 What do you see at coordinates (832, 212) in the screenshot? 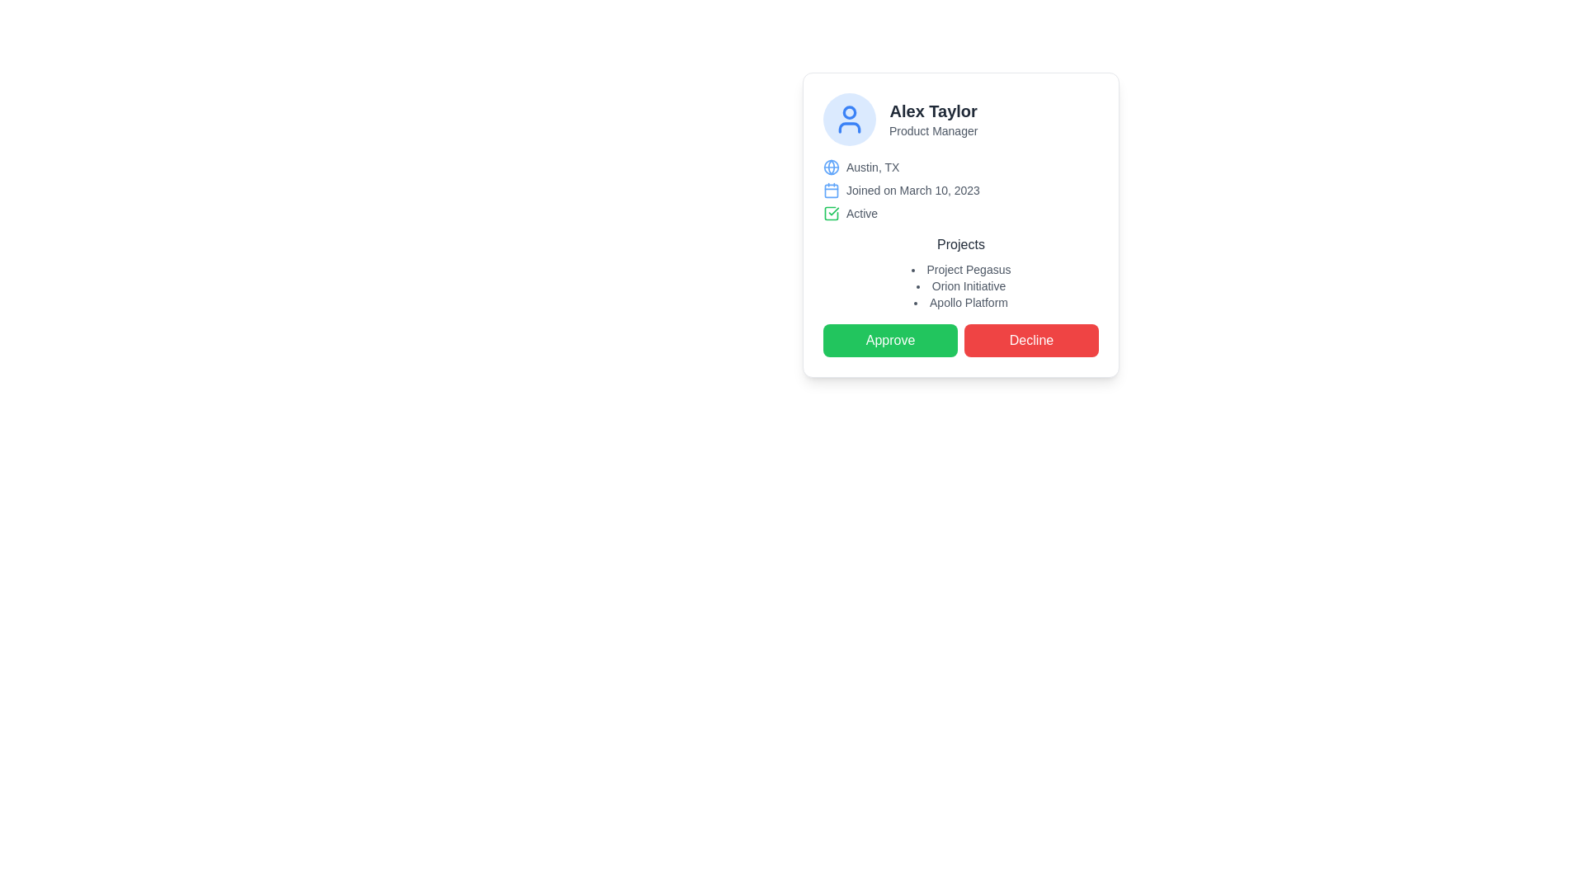
I see `the visual indicator icon that represents the 'Active' status, which is located directly under the 'Joined on March 10, 2023' text and above the 'Projects' section in the profile card design` at bounding box center [832, 212].